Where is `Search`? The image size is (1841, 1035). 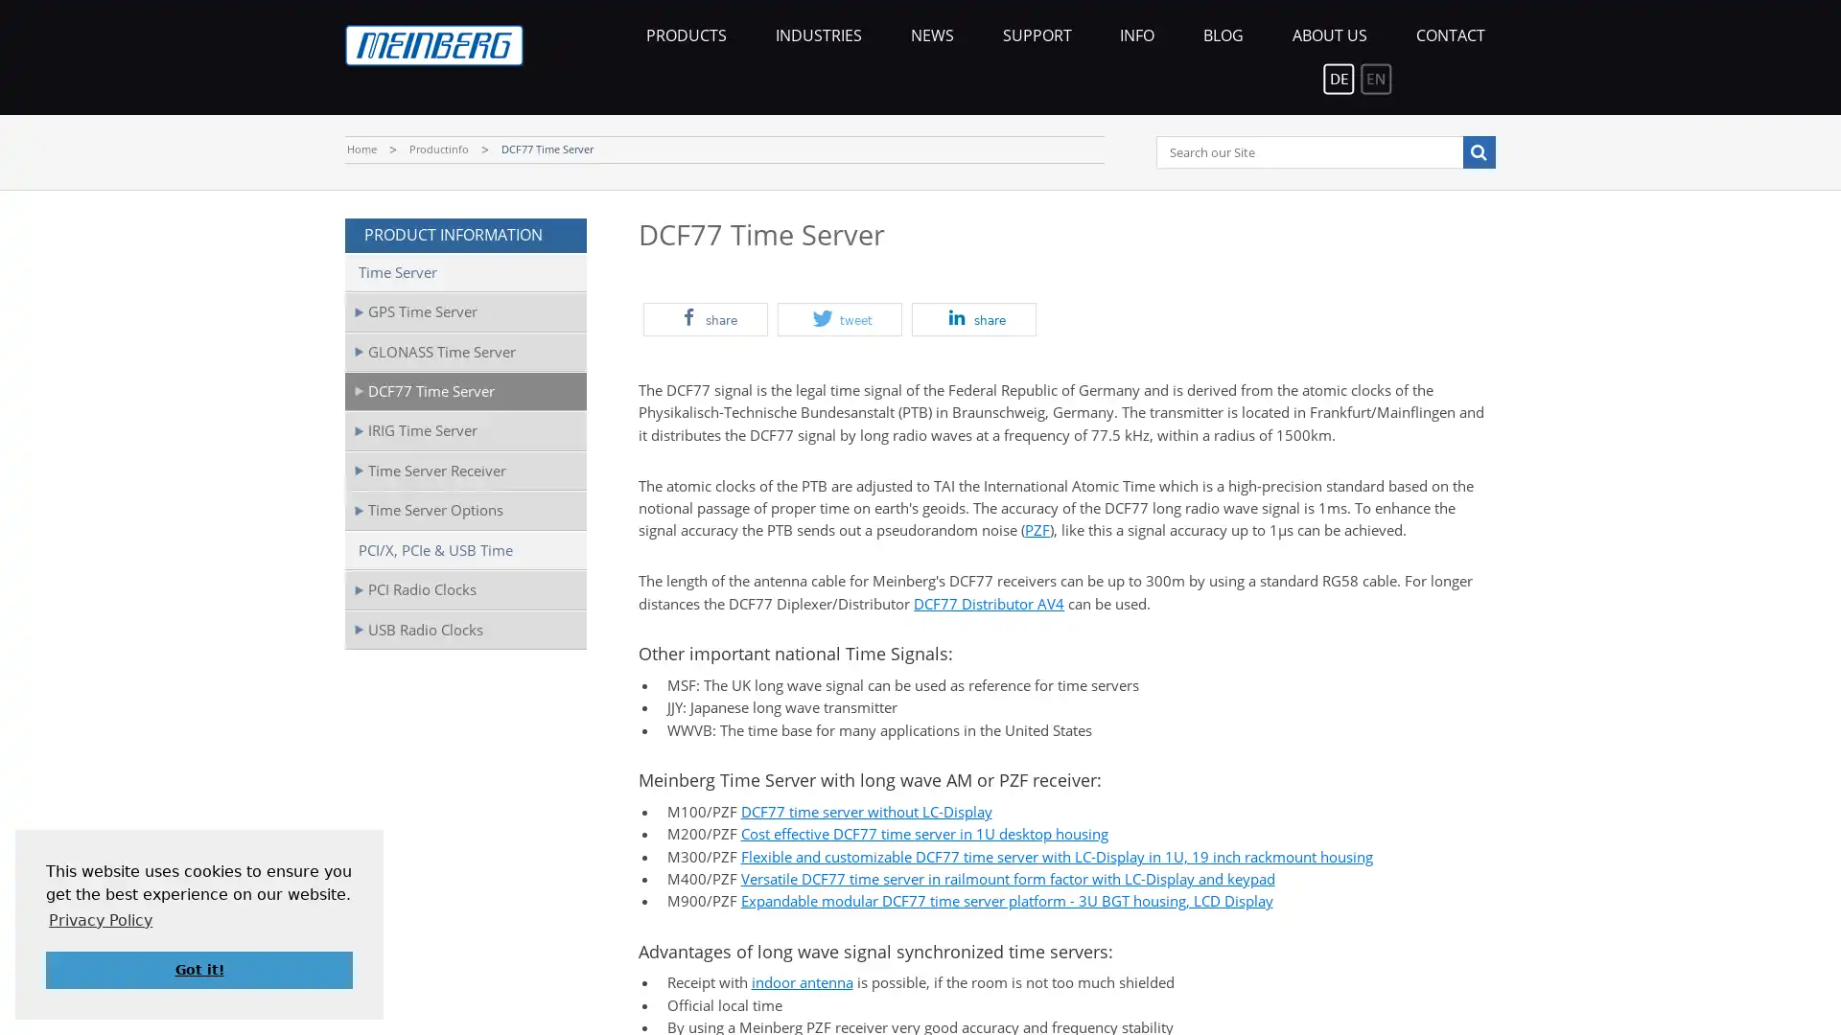 Search is located at coordinates (1477, 150).